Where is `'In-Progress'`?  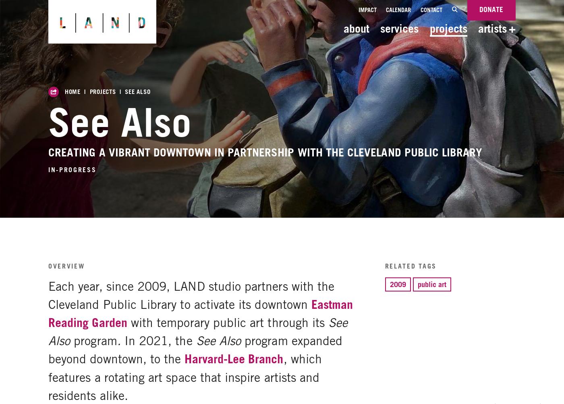 'In-Progress' is located at coordinates (72, 169).